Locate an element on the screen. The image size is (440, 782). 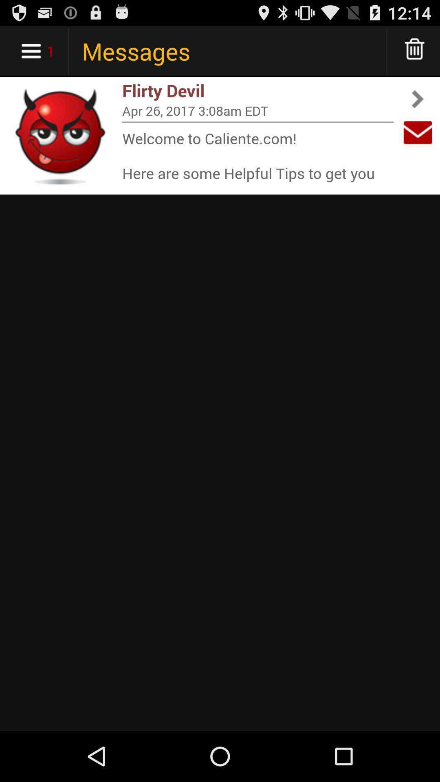
flirty devil is located at coordinates (257, 90).